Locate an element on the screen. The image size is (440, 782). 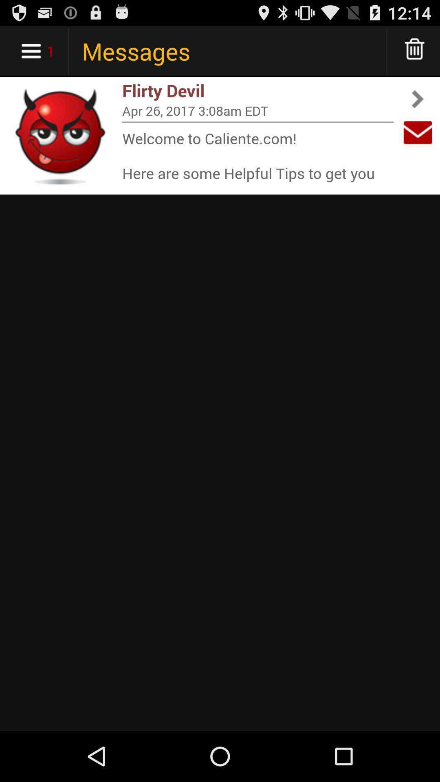
flirty devil is located at coordinates (257, 90).